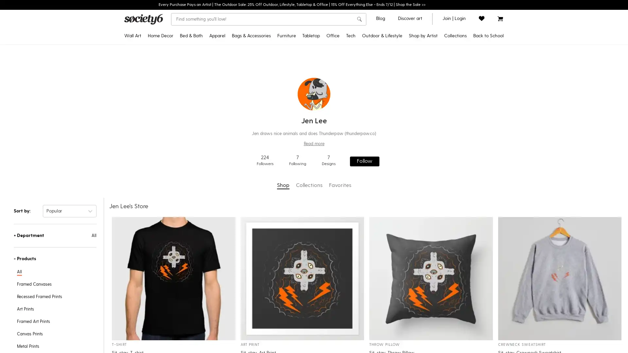  What do you see at coordinates (391, 158) in the screenshot?
I see `Picnic Blankets` at bounding box center [391, 158].